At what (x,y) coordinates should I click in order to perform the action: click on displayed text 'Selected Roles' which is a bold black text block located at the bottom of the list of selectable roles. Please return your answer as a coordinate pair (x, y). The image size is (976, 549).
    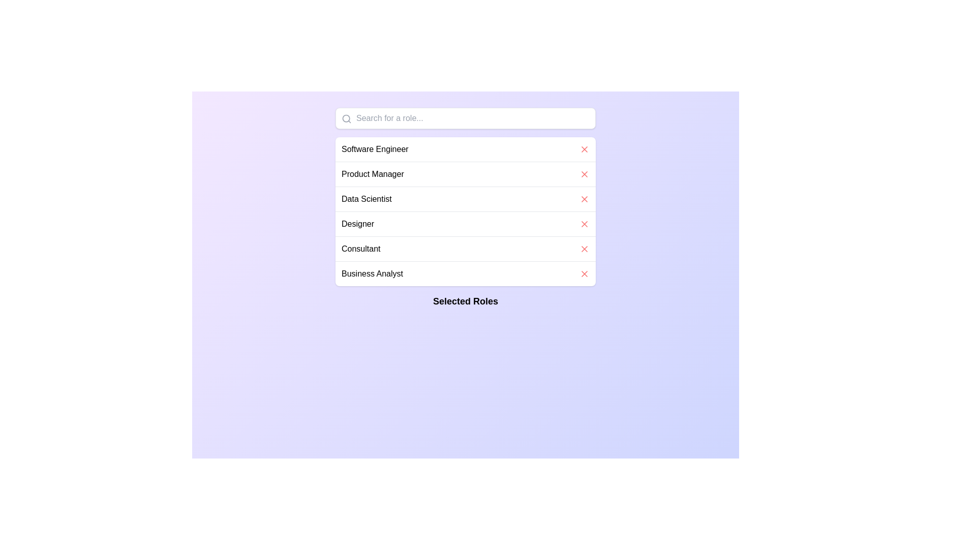
    Looking at the image, I should click on (465, 301).